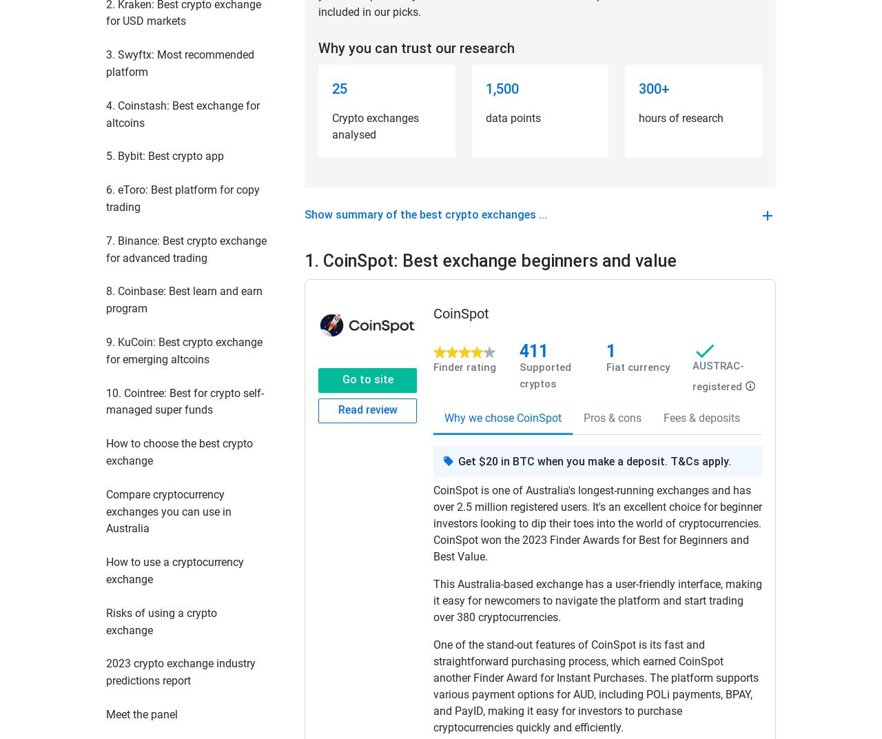 This screenshot has width=882, height=739. What do you see at coordinates (183, 350) in the screenshot?
I see `'9. KuCoin: Best crypto exchange for emerging altcoins'` at bounding box center [183, 350].